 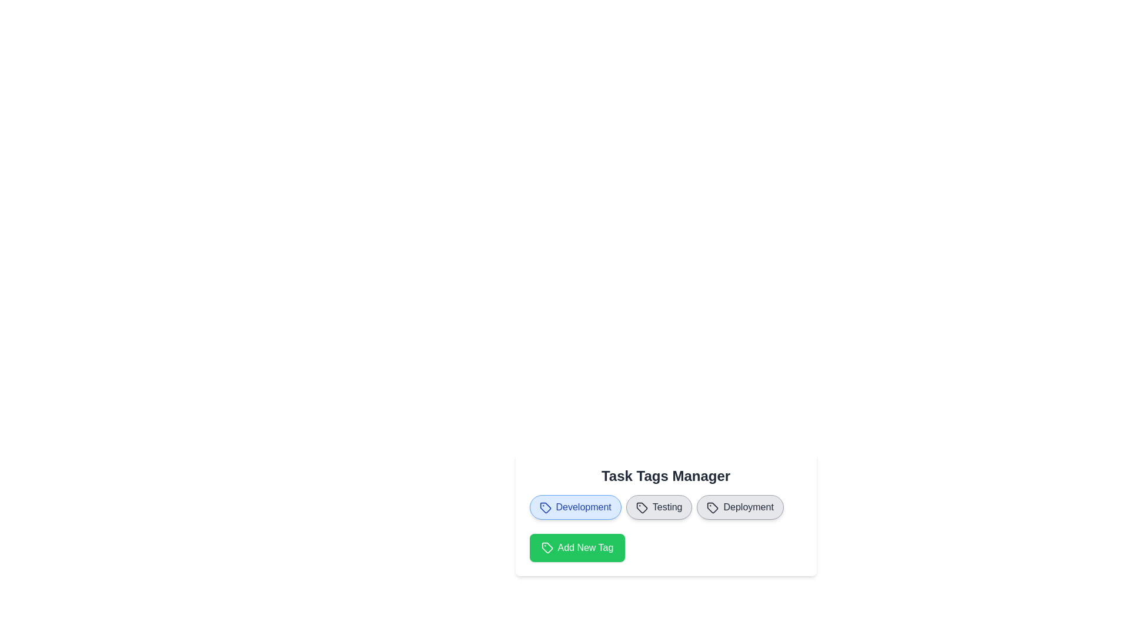 What do you see at coordinates (740, 507) in the screenshot?
I see `the 'Deployment' button, which is the third button in the horizontal row within the 'Task Tags Manager' group` at bounding box center [740, 507].